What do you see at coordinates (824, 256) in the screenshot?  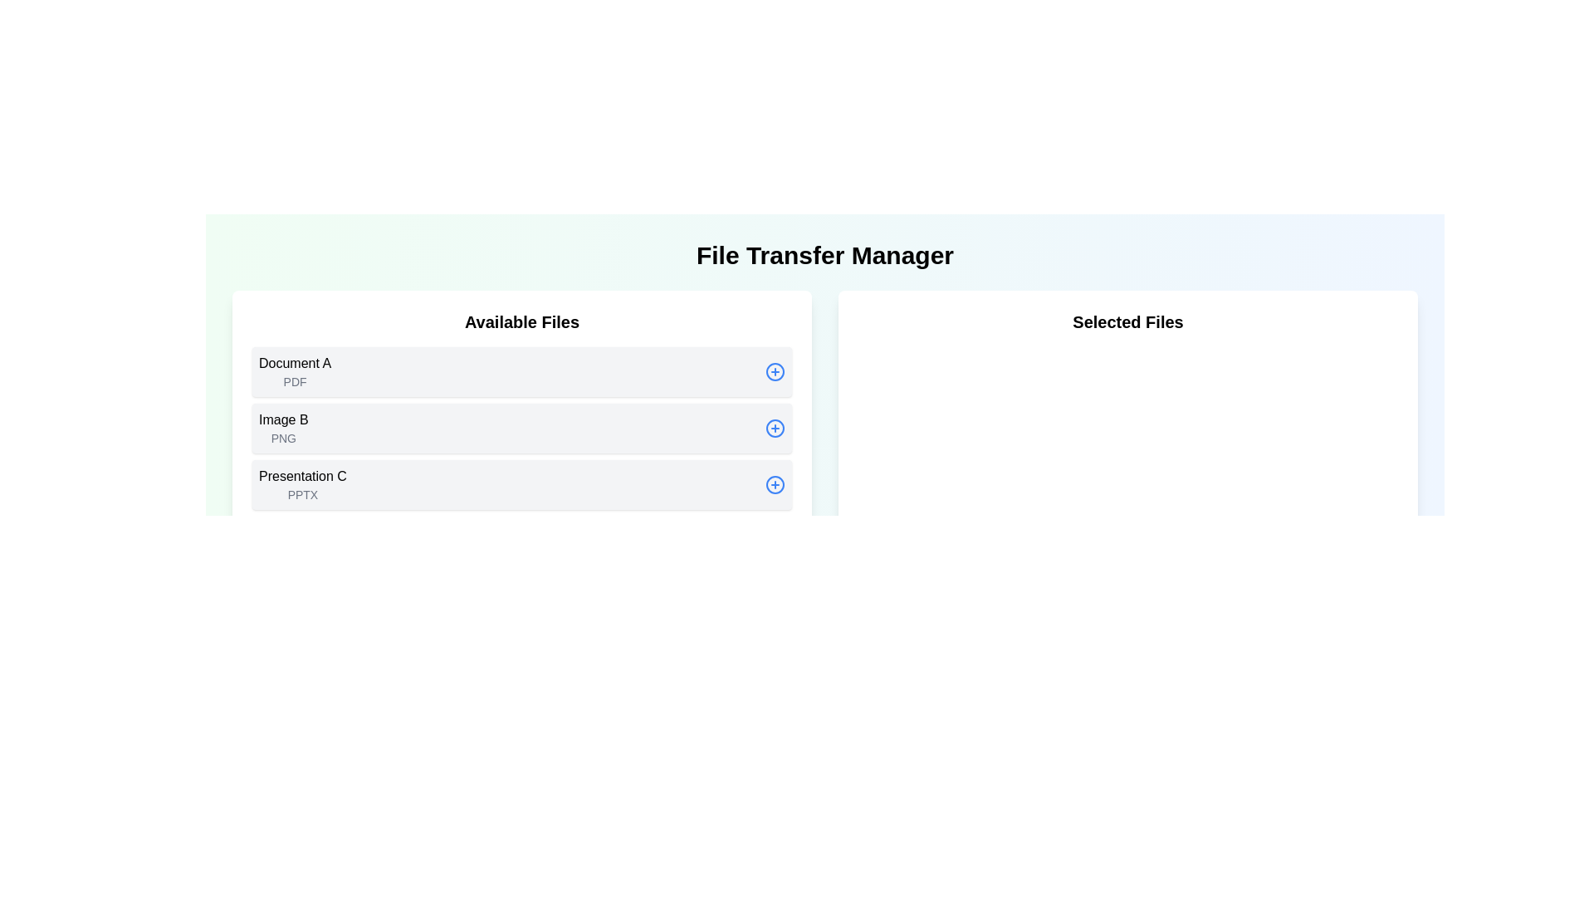 I see `the header or title text that indicates the purpose of the interface related to file transfer management, located at the top of the main content section` at bounding box center [824, 256].